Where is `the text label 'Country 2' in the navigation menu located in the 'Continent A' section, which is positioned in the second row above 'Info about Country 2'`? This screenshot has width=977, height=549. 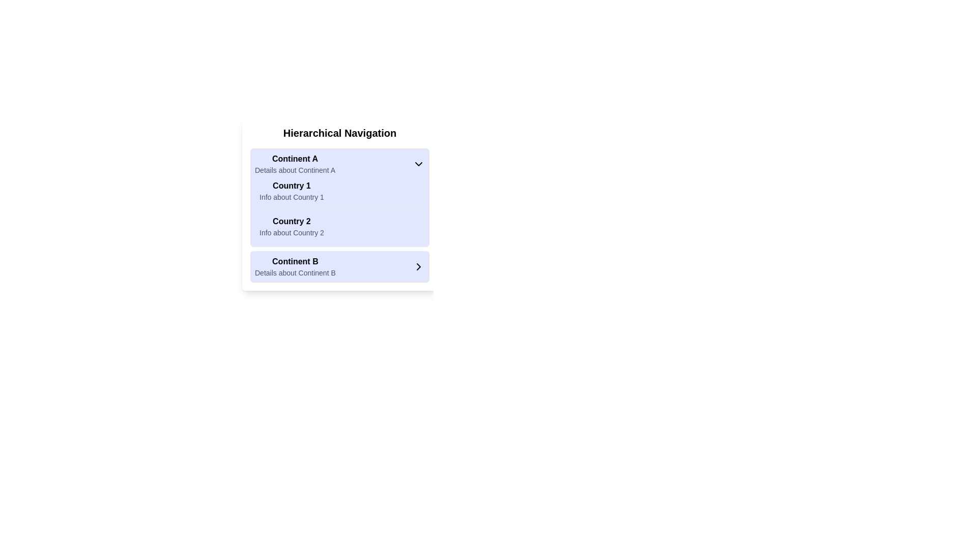
the text label 'Country 2' in the navigation menu located in the 'Continent A' section, which is positioned in the second row above 'Info about Country 2' is located at coordinates (291, 221).